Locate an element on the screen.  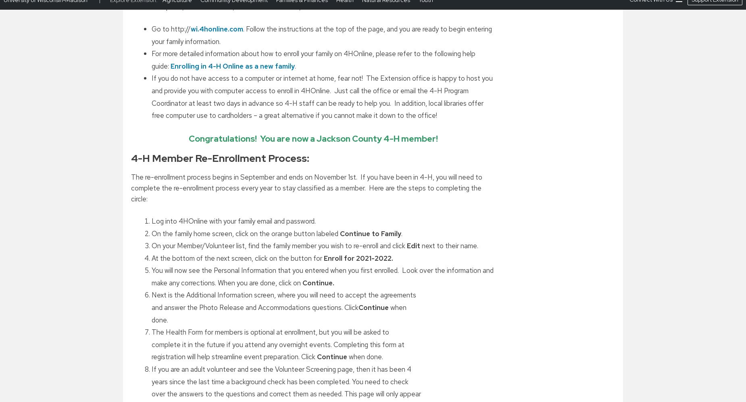
'© 2023 The Board of Regents of the University of Wisconsin System' is located at coordinates (477, 362).